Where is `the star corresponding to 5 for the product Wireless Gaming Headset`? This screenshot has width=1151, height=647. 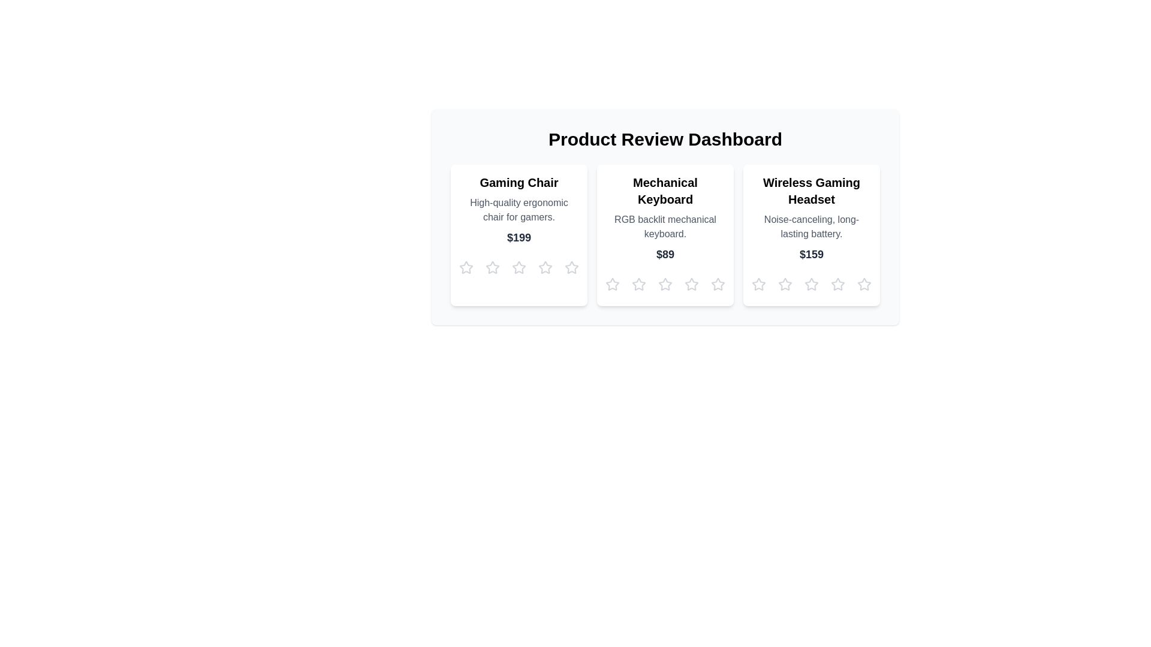
the star corresponding to 5 for the product Wireless Gaming Headset is located at coordinates (864, 284).